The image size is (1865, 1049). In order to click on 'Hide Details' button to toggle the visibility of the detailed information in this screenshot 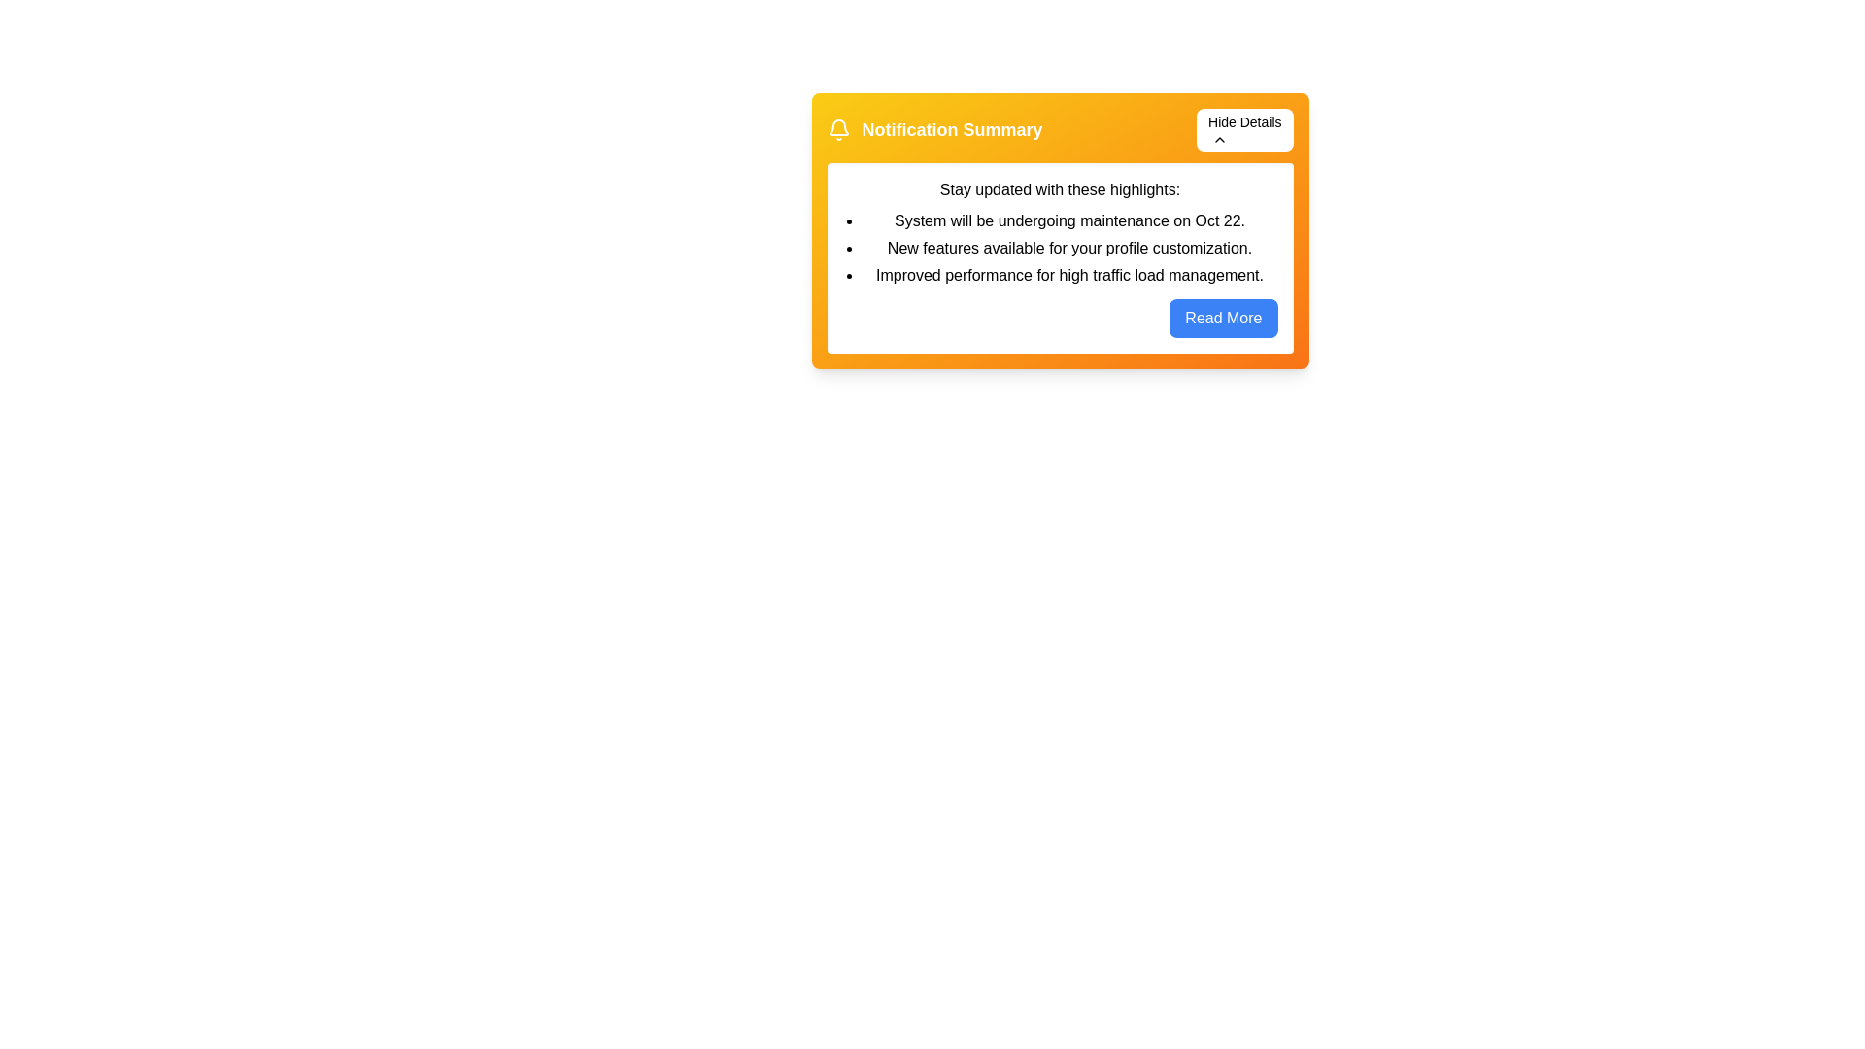, I will do `click(1244, 130)`.